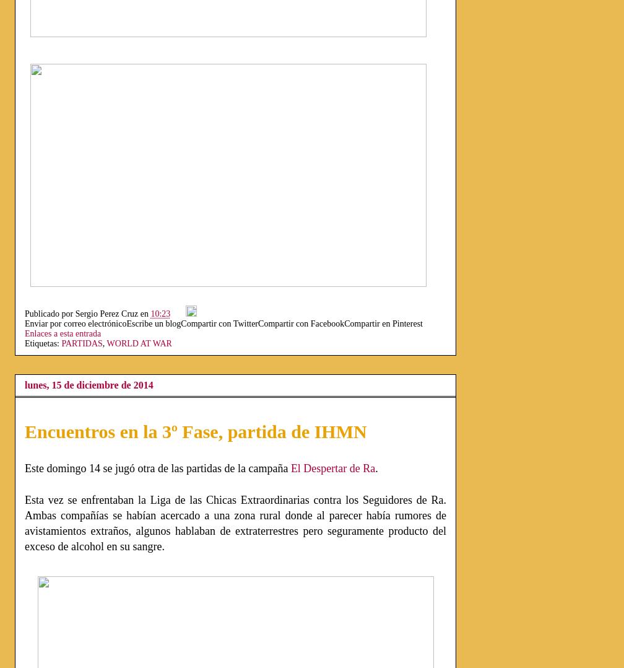 The width and height of the screenshot is (624, 668). What do you see at coordinates (219, 323) in the screenshot?
I see `'Compartir con Twitter'` at bounding box center [219, 323].